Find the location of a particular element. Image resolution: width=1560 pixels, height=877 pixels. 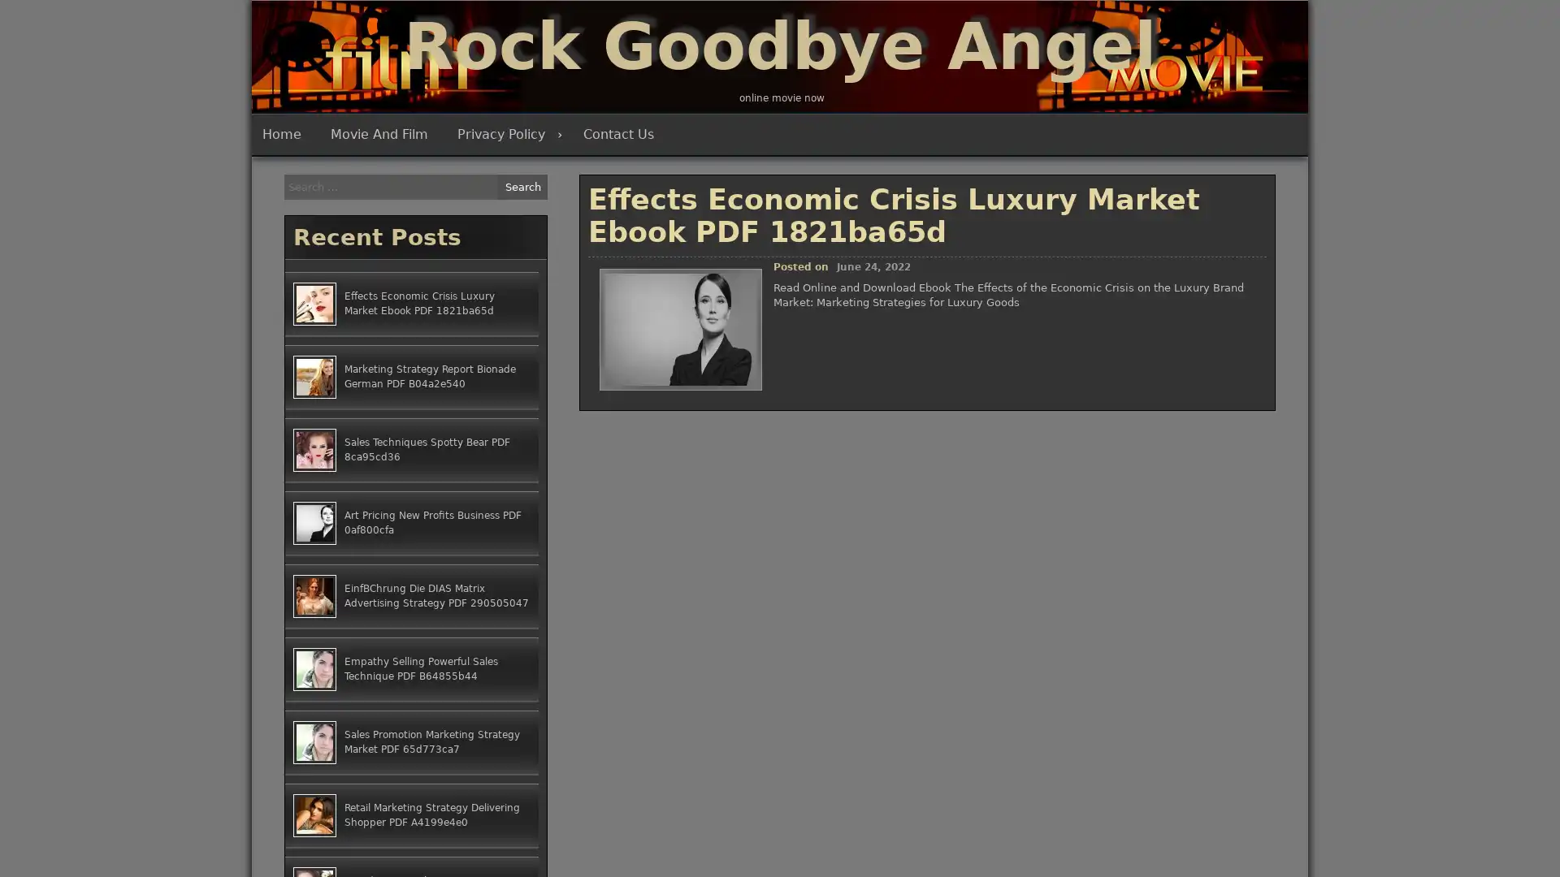

Search is located at coordinates (522, 186).